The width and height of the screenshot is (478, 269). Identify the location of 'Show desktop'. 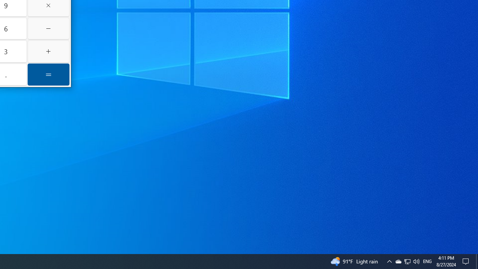
(477, 261).